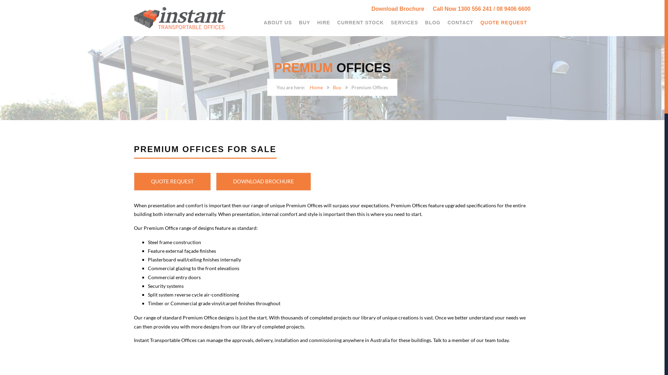 This screenshot has width=668, height=375. I want to click on 'Buy', so click(332, 87).